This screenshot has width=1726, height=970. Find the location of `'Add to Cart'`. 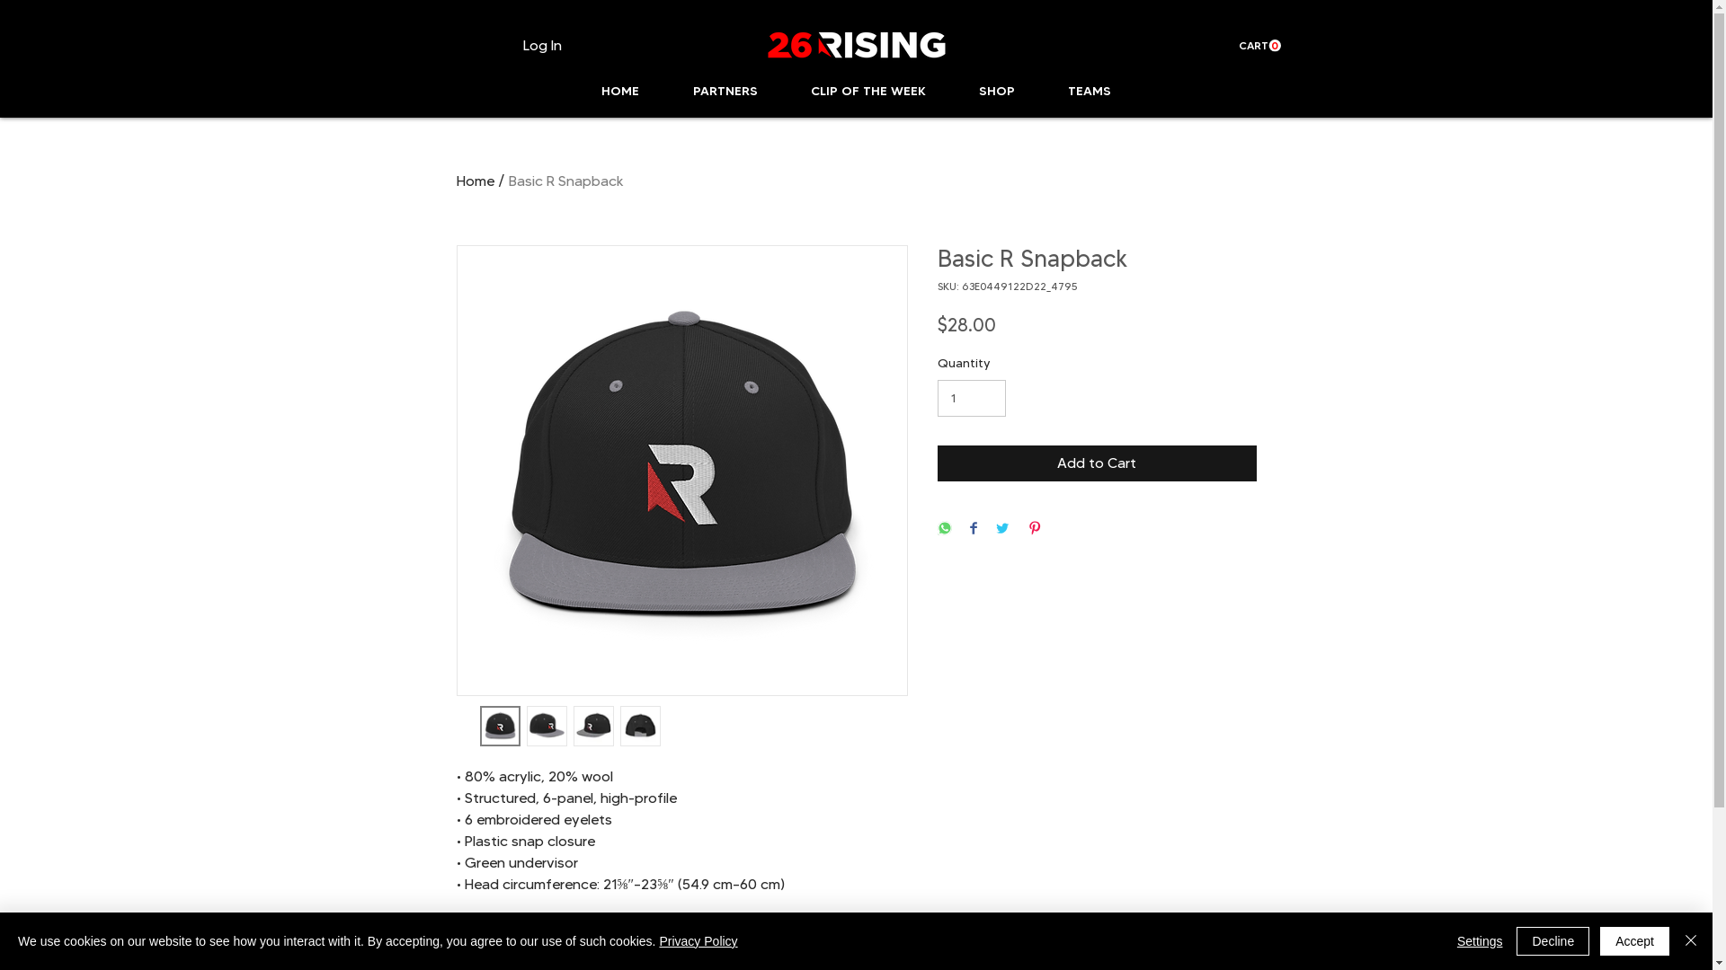

'Add to Cart' is located at coordinates (1095, 463).